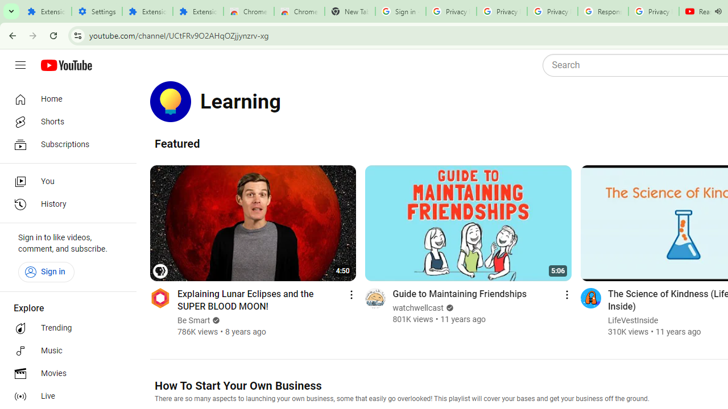 The image size is (728, 409). Describe the element at coordinates (194, 320) in the screenshot. I see `'Be Smart'` at that location.